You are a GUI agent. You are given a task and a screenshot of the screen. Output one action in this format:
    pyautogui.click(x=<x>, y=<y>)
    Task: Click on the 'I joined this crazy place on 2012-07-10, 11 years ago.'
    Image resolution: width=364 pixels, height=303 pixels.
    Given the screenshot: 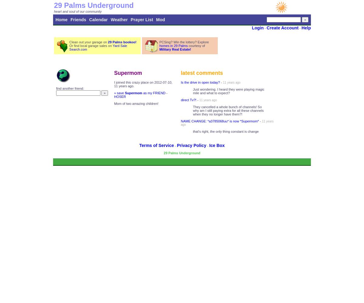 What is the action you would take?
    pyautogui.click(x=143, y=84)
    